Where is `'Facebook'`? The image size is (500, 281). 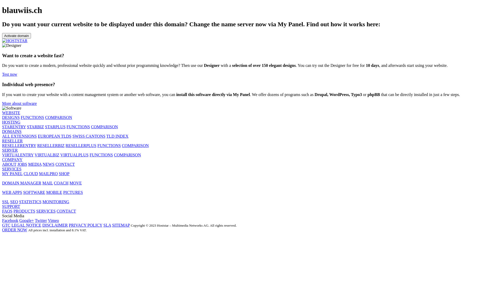
'Facebook' is located at coordinates (2, 220).